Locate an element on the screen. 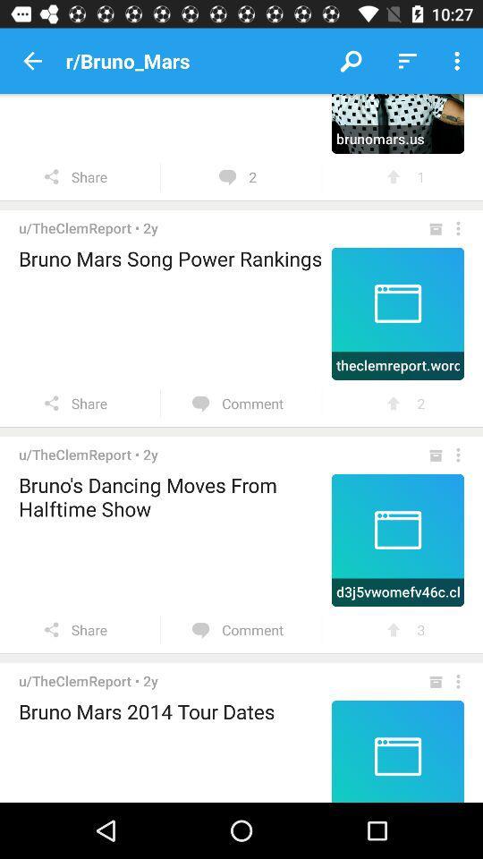 This screenshot has height=859, width=483. the third thumbnail is located at coordinates (398, 540).